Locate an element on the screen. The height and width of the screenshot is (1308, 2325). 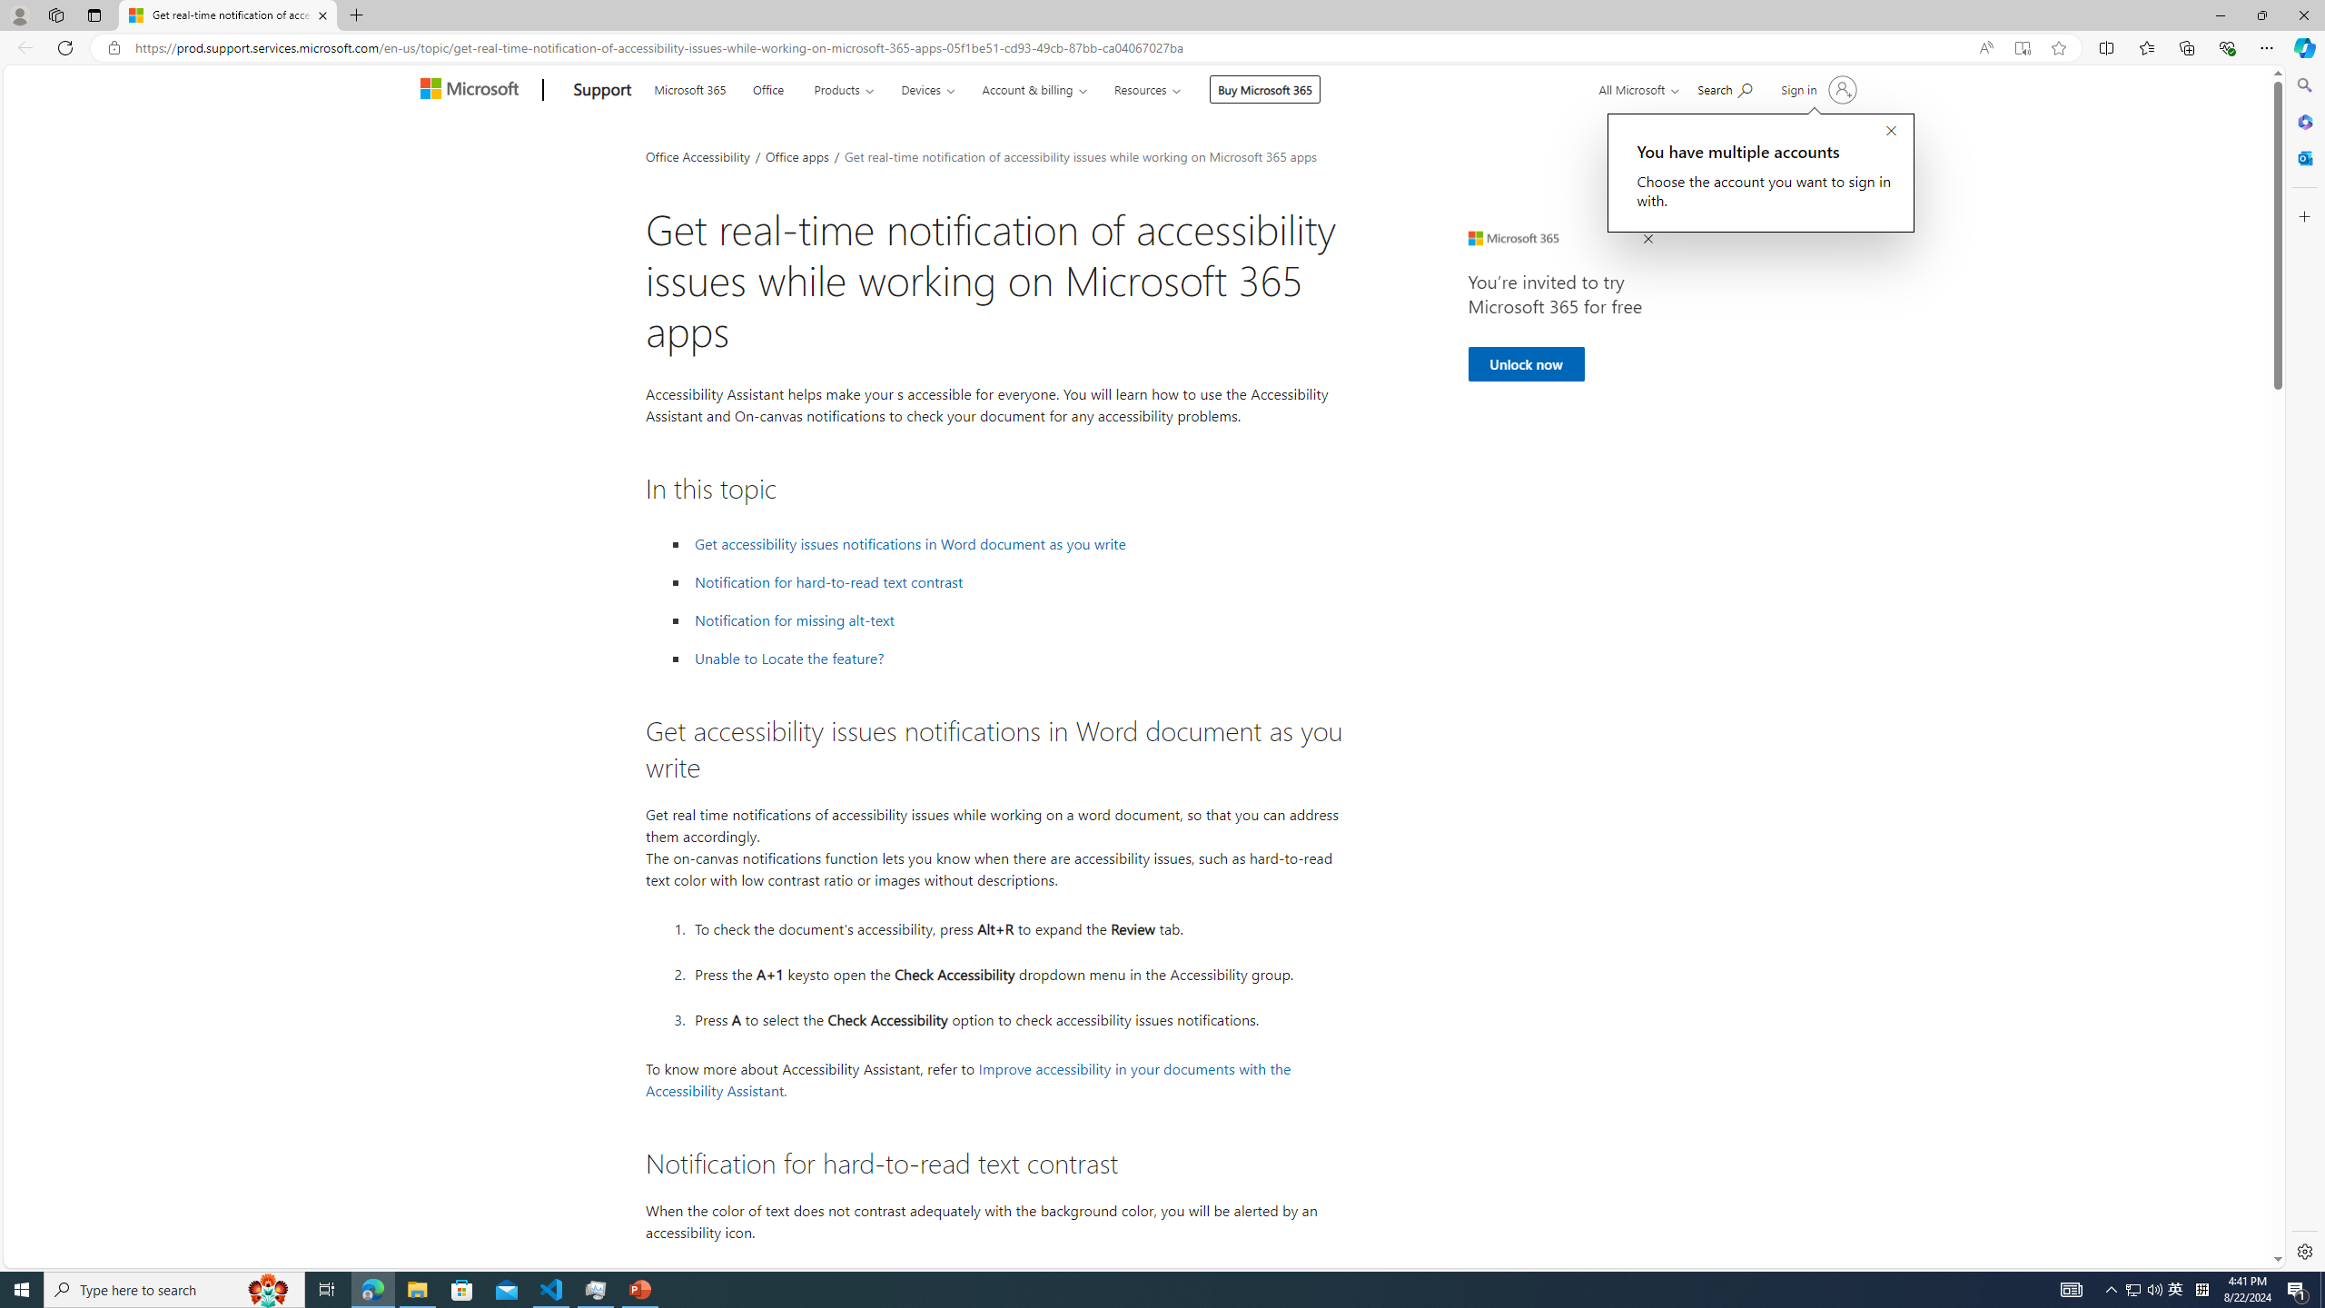
' Notification for missing alt-text' is located at coordinates (795, 619).